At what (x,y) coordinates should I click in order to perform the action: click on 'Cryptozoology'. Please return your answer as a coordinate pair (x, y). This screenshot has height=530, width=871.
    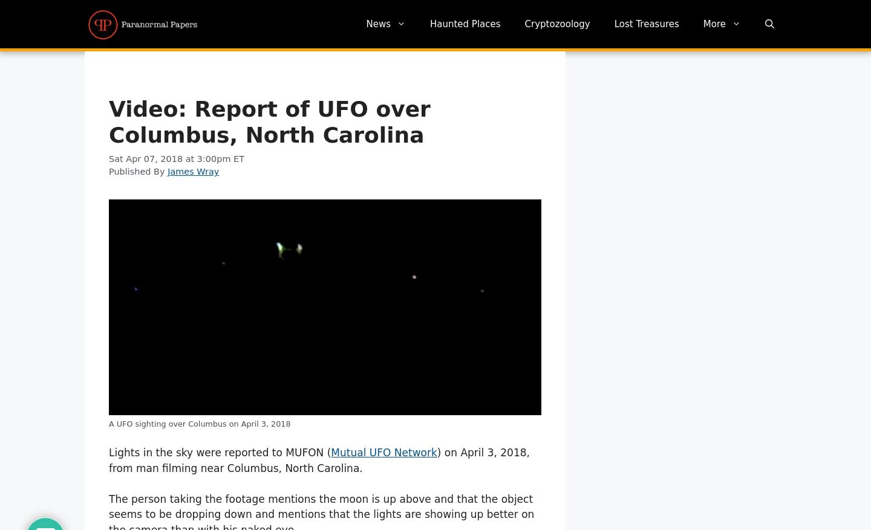
    Looking at the image, I should click on (557, 23).